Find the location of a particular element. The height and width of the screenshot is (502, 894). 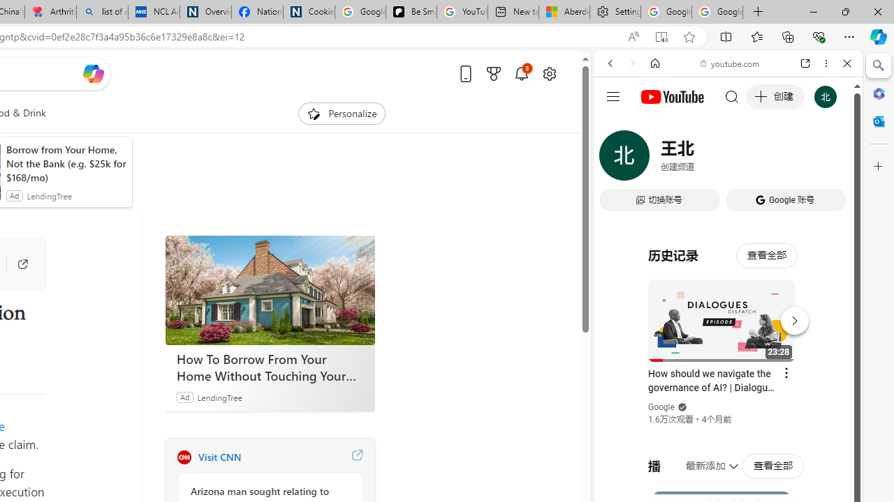

'VIDEOS' is located at coordinates (703, 158).